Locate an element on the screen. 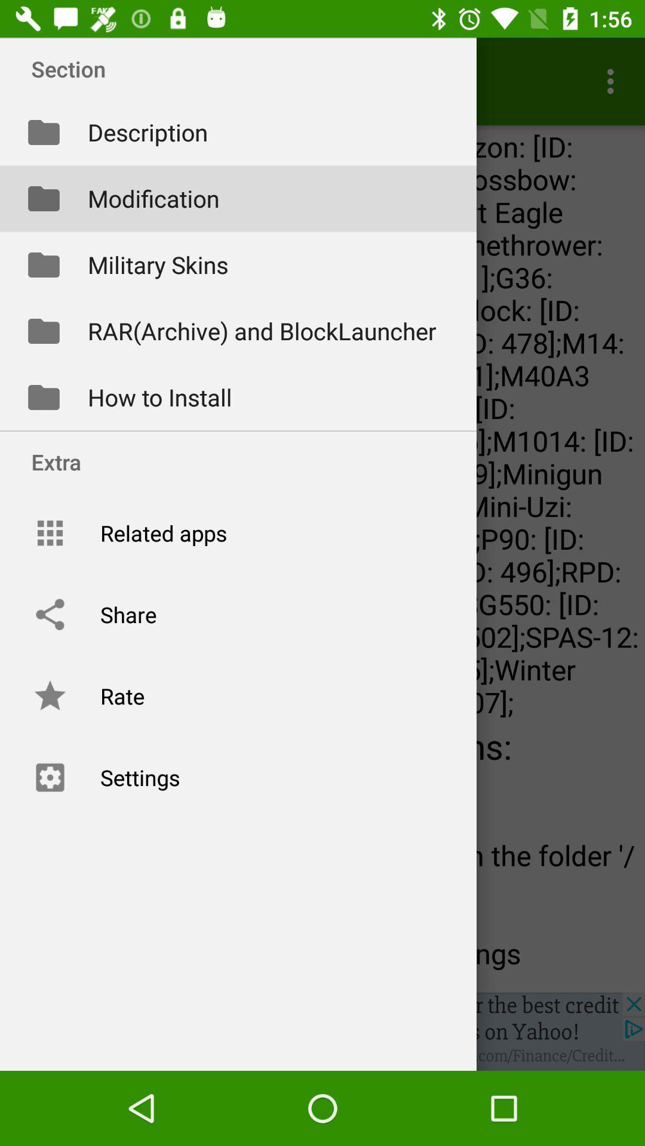 The width and height of the screenshot is (645, 1146). description which is below section on the page is located at coordinates (238, 133).